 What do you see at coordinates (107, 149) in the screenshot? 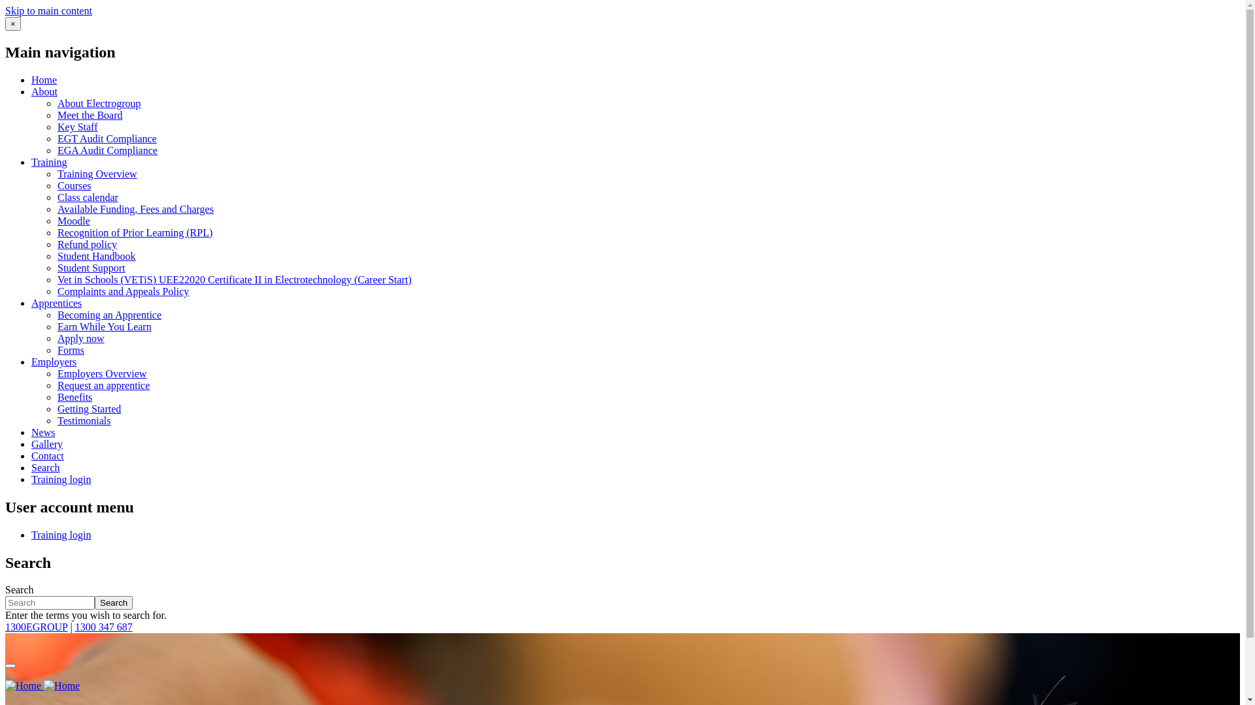
I see `'EGA Audit Compliance'` at bounding box center [107, 149].